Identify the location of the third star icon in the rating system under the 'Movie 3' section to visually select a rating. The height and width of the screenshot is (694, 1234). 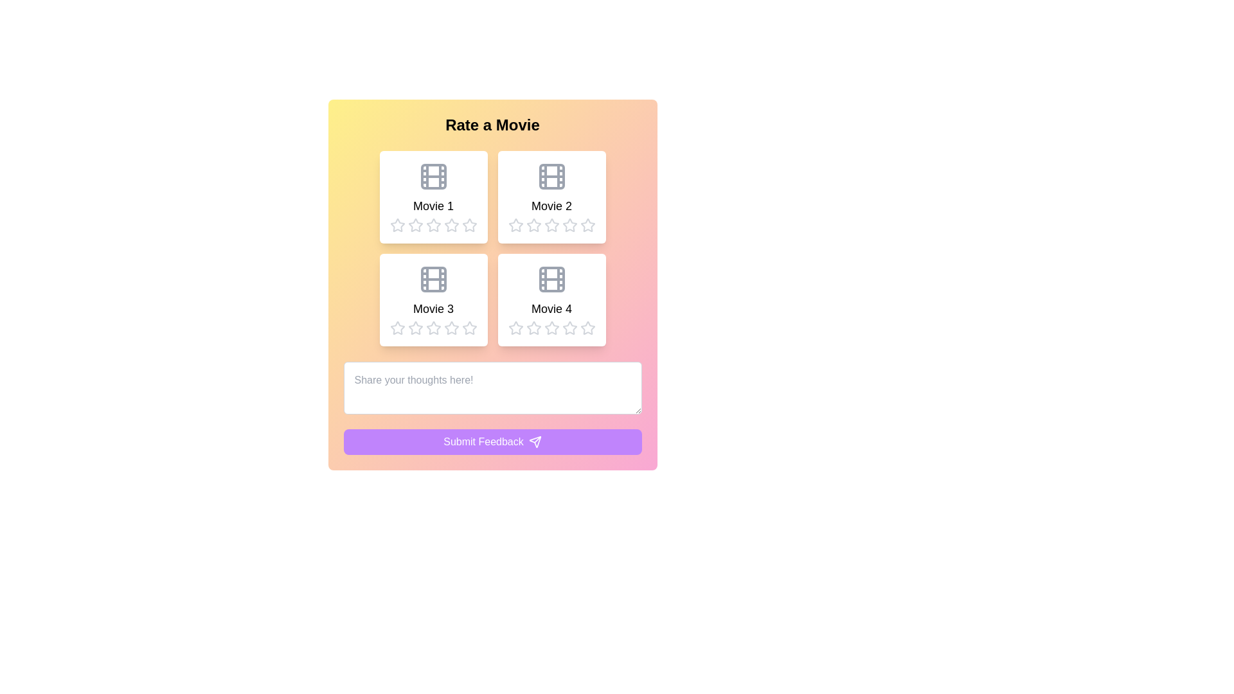
(433, 327).